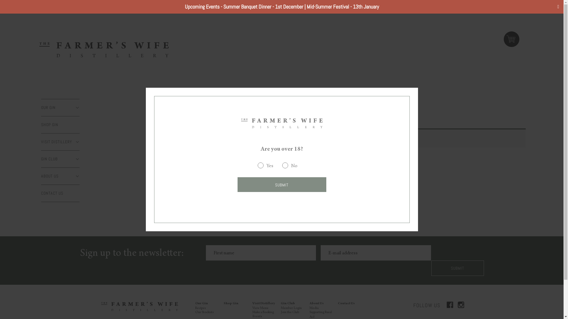  Describe the element at coordinates (263, 312) in the screenshot. I see `'Make a Booking'` at that location.